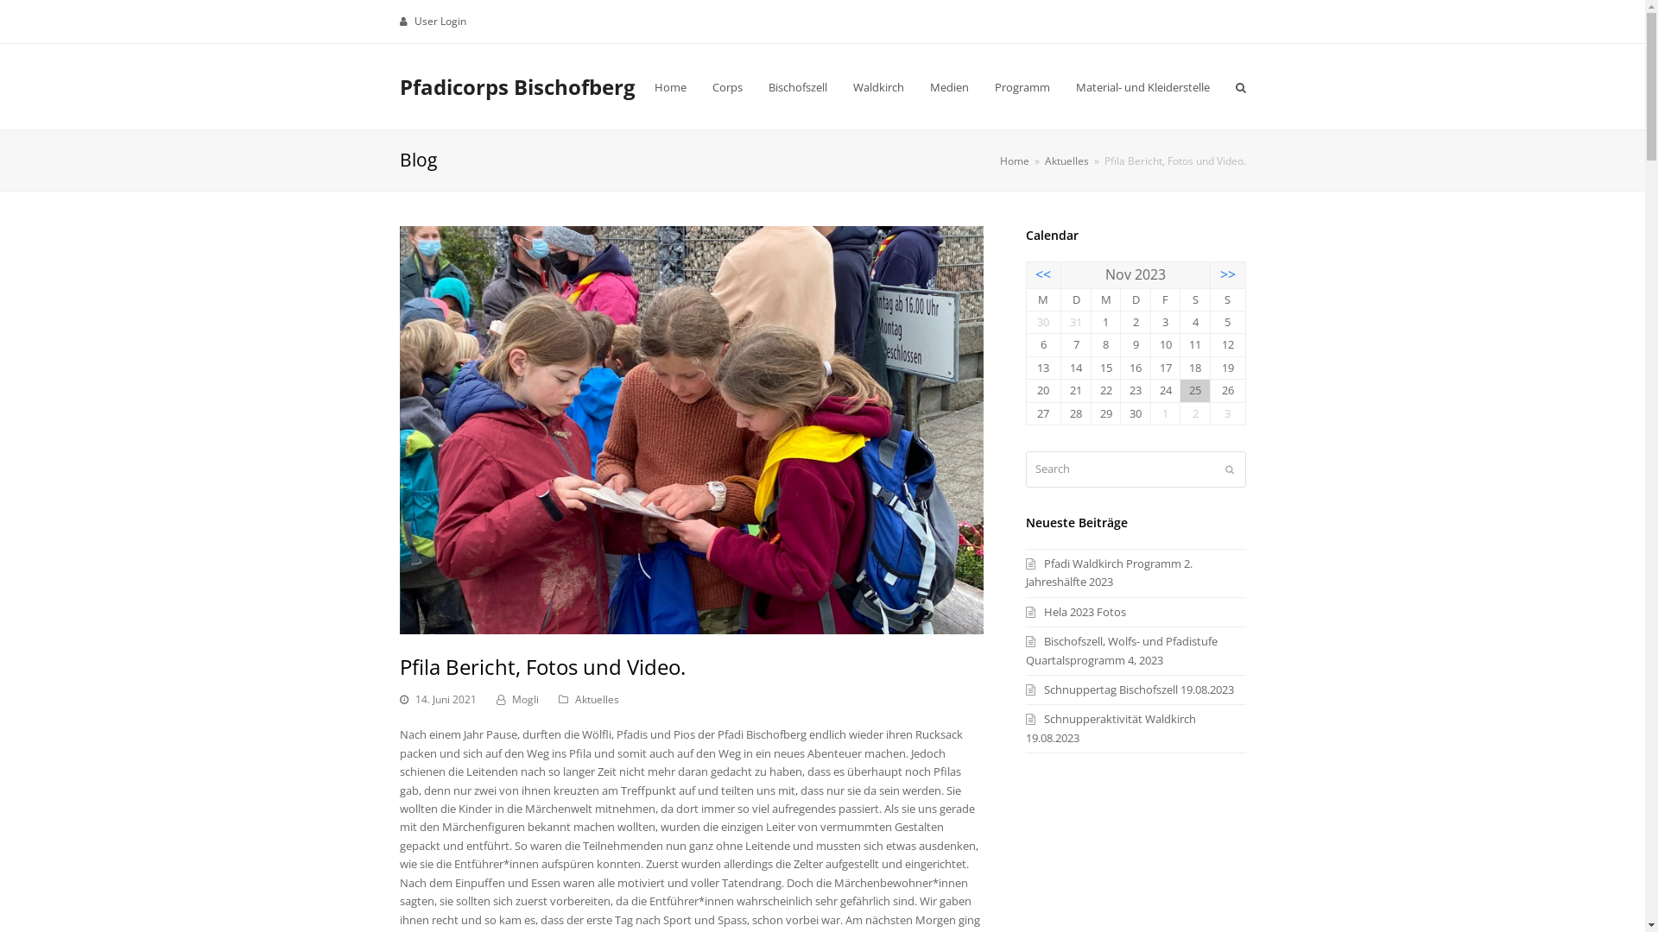 The width and height of the screenshot is (1658, 932). Describe the element at coordinates (1042, 273) in the screenshot. I see `'<<'` at that location.